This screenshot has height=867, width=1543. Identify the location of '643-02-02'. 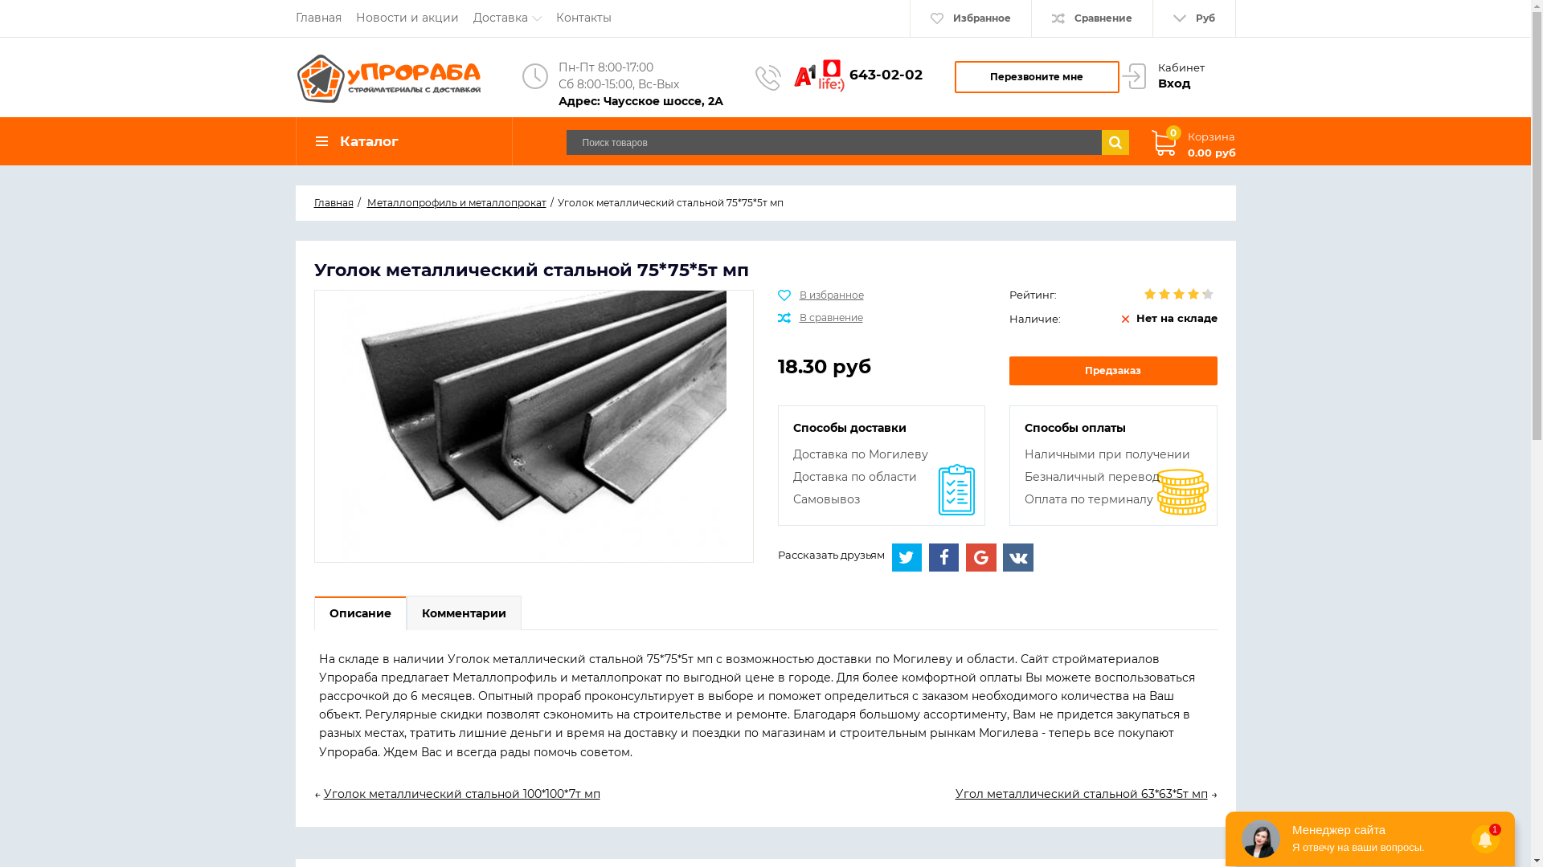
(884, 74).